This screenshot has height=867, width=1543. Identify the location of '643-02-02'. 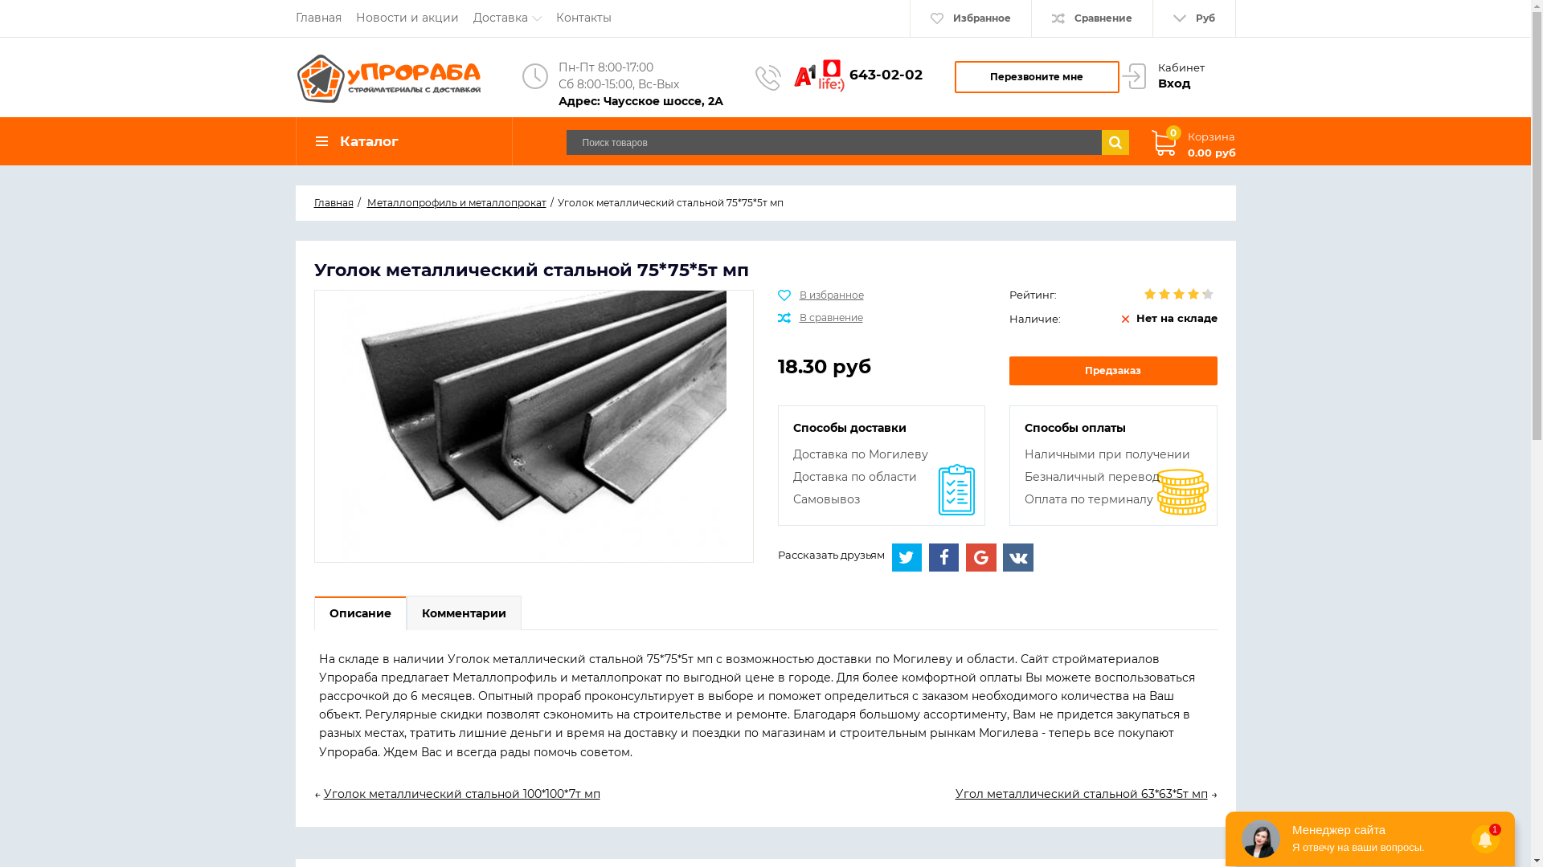
(884, 74).